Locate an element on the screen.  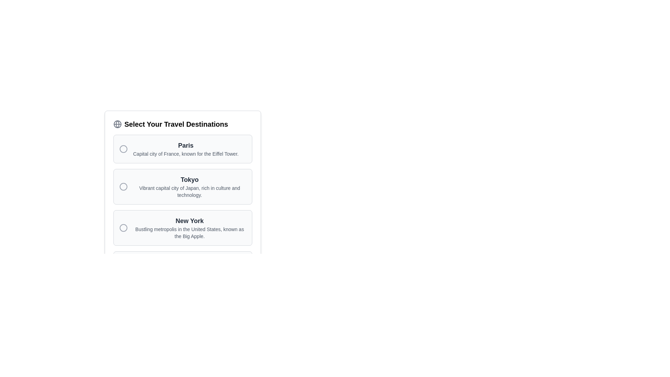
the 'New York' text label, which is the third option in the list of travel destinations, featuring a large bold font and a description below it is located at coordinates (189, 228).